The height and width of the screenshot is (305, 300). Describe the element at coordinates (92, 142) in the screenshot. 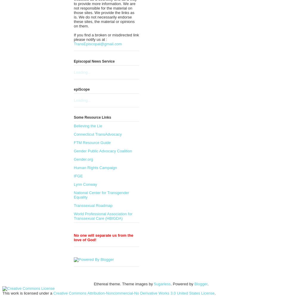

I see `'FTM Resource Guide'` at that location.